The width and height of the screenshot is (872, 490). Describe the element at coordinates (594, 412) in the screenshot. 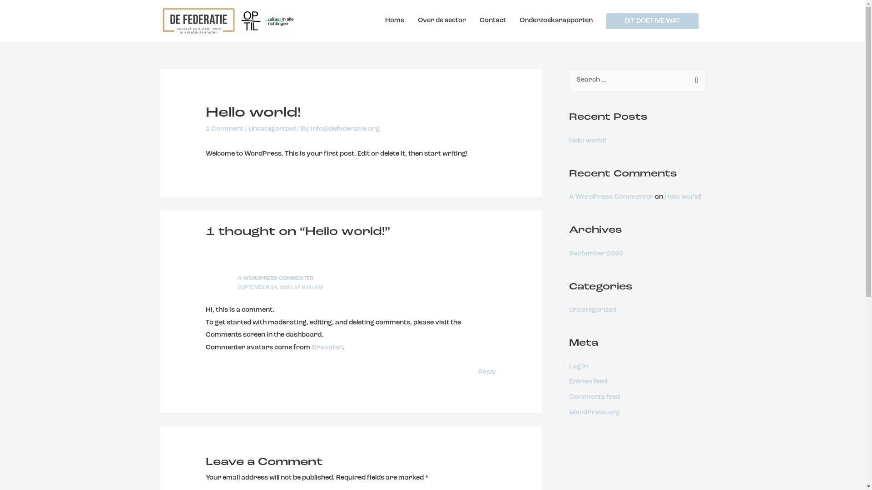

I see `'WordPress.org'` at that location.